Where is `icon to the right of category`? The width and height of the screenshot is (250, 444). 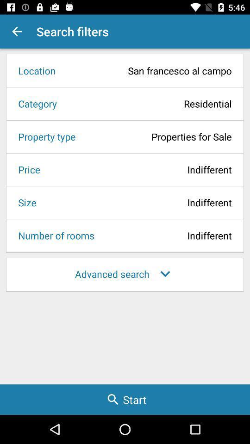
icon to the right of category is located at coordinates (147, 104).